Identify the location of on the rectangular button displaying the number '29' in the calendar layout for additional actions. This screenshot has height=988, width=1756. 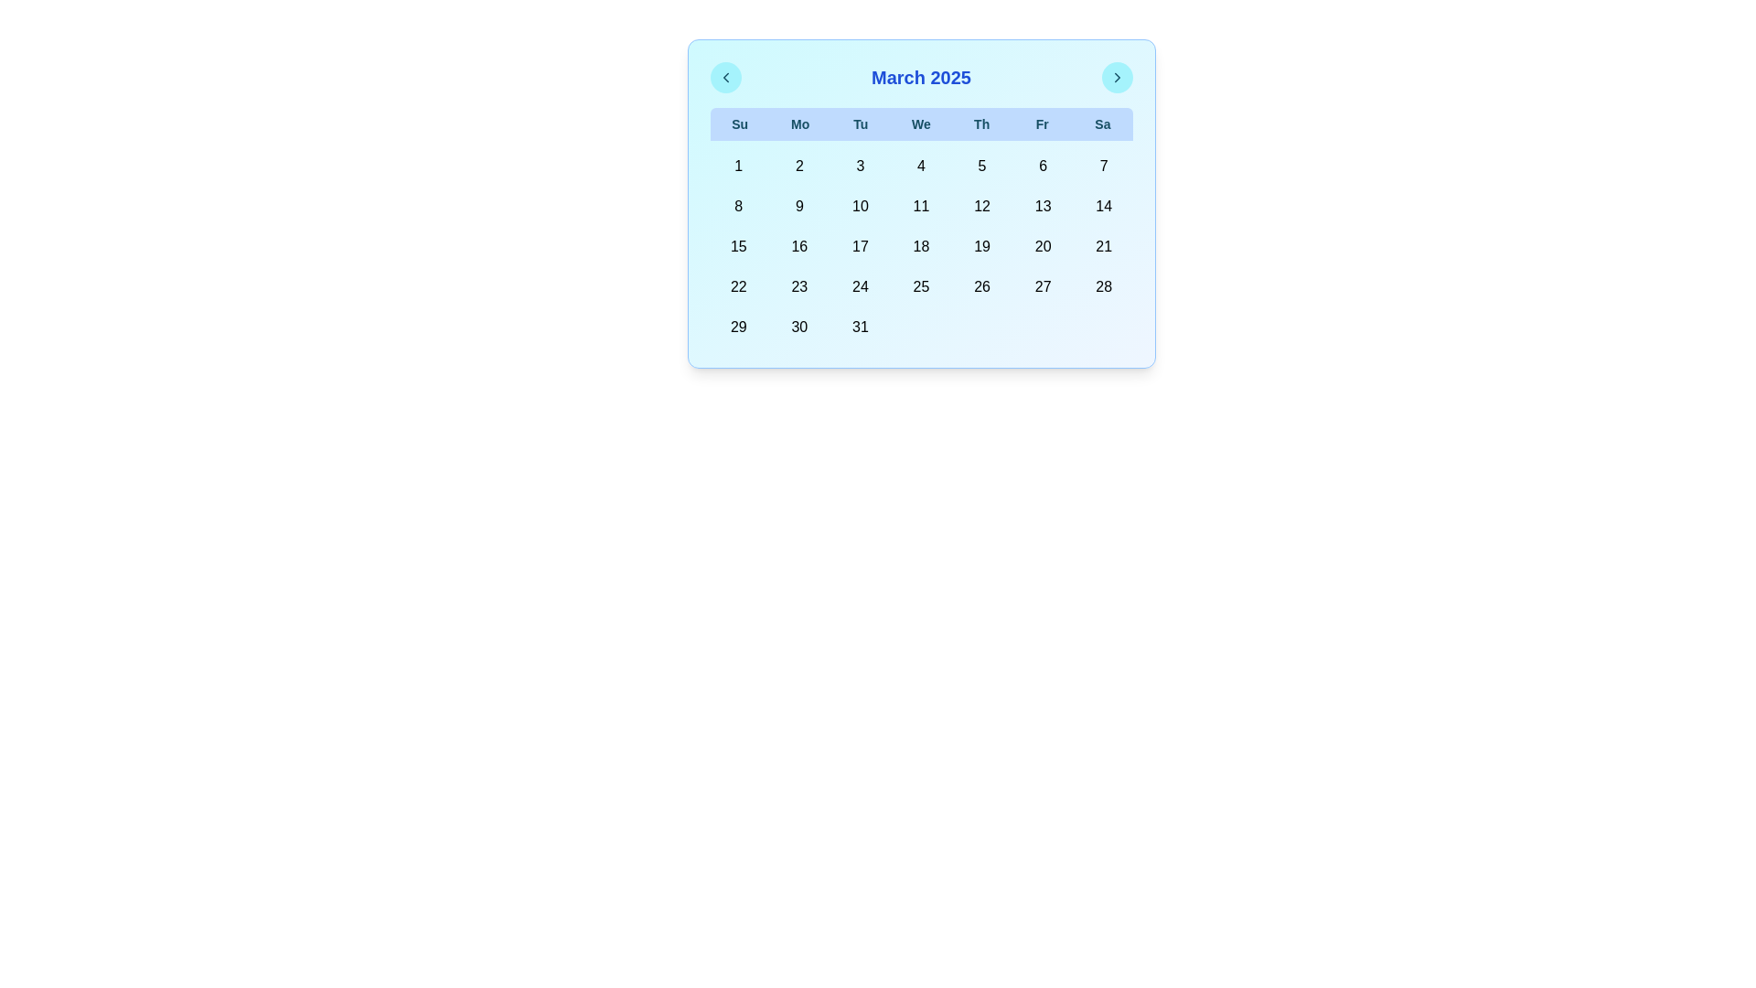
(738, 327).